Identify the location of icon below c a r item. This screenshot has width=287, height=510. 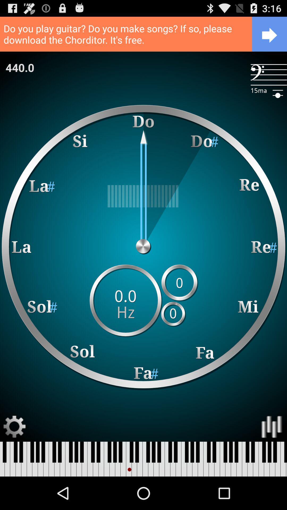
(19, 67).